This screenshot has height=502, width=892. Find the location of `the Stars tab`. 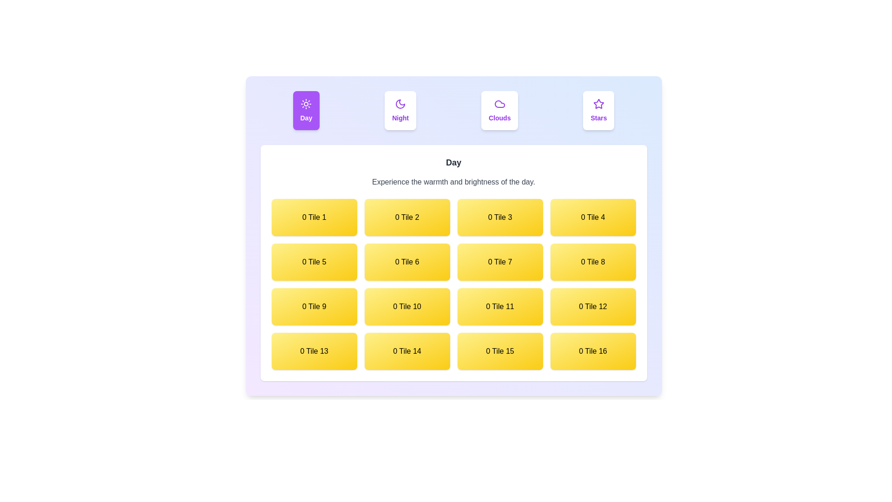

the Stars tab is located at coordinates (598, 110).